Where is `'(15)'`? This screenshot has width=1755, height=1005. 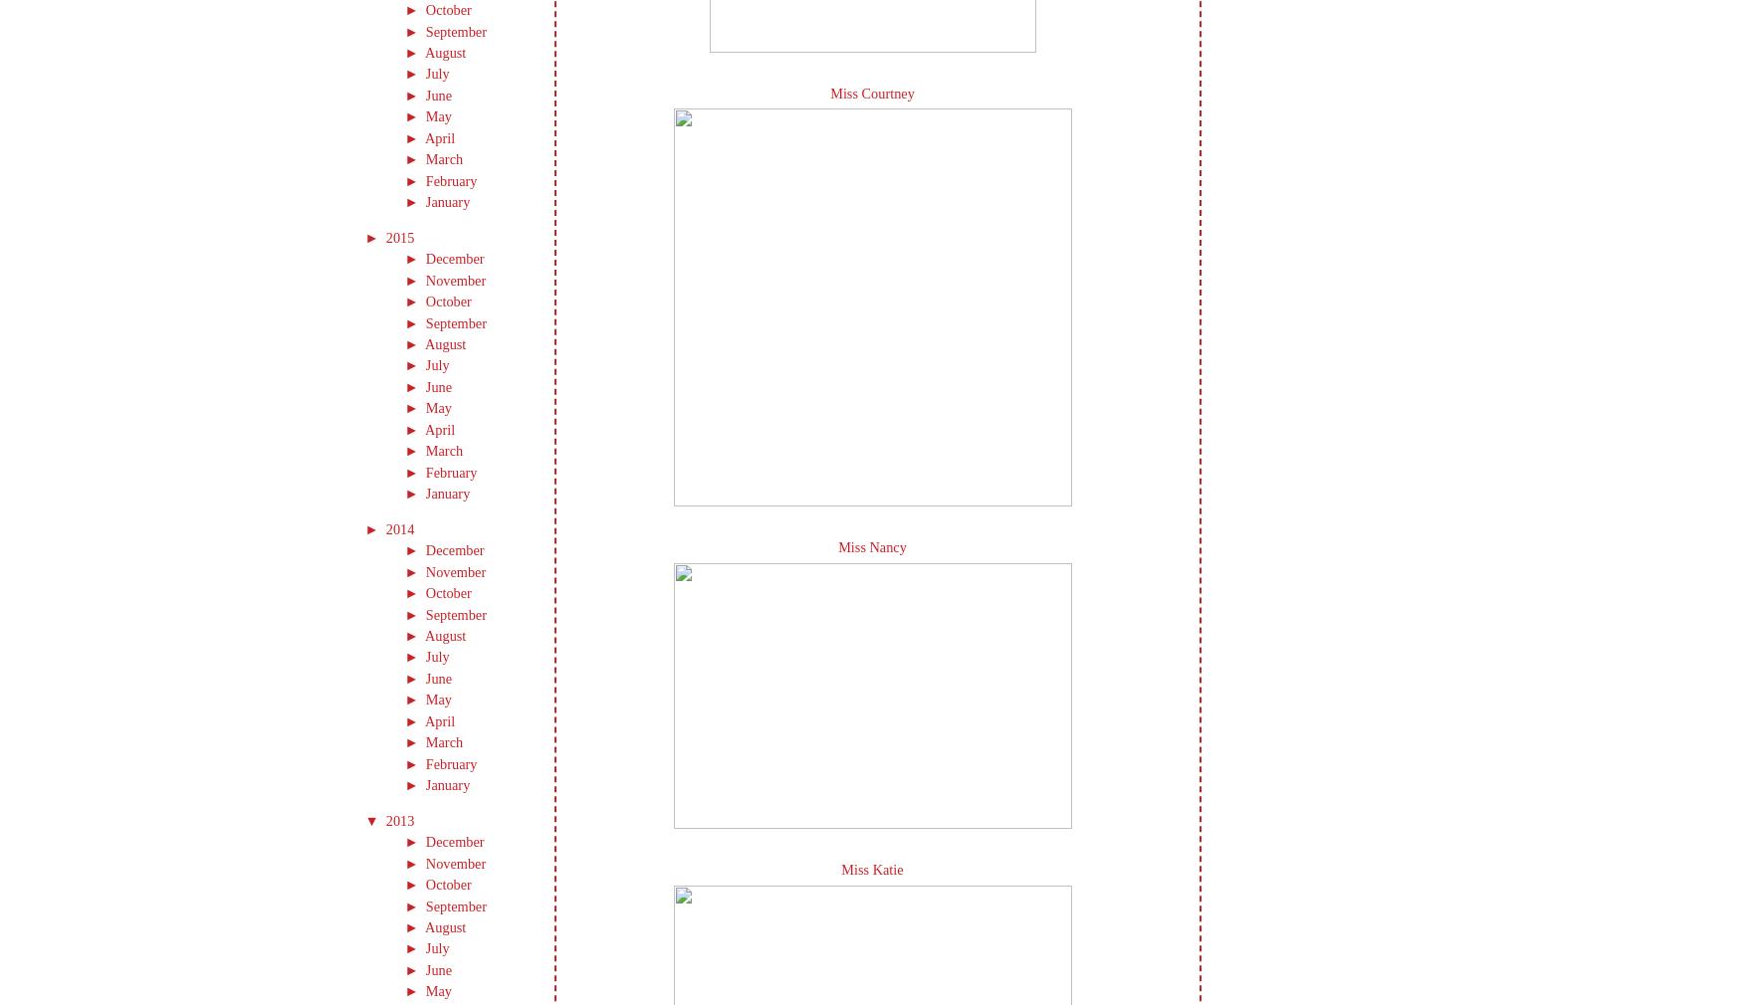 '(15)' is located at coordinates (500, 569).